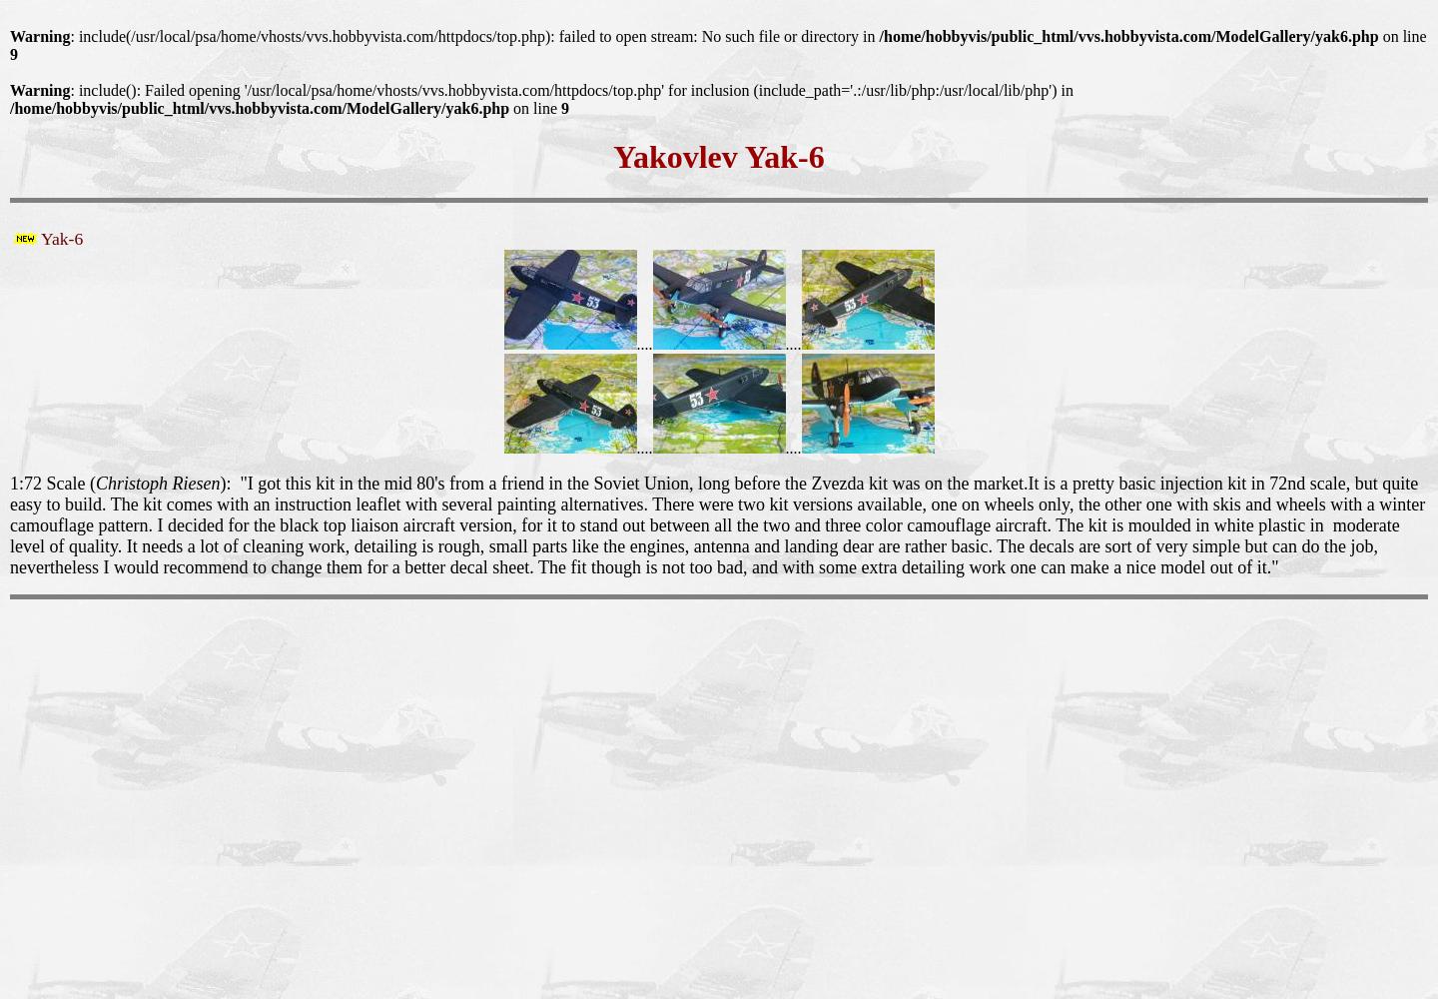  I want to click on 'Christoph Riesen', so click(156, 482).